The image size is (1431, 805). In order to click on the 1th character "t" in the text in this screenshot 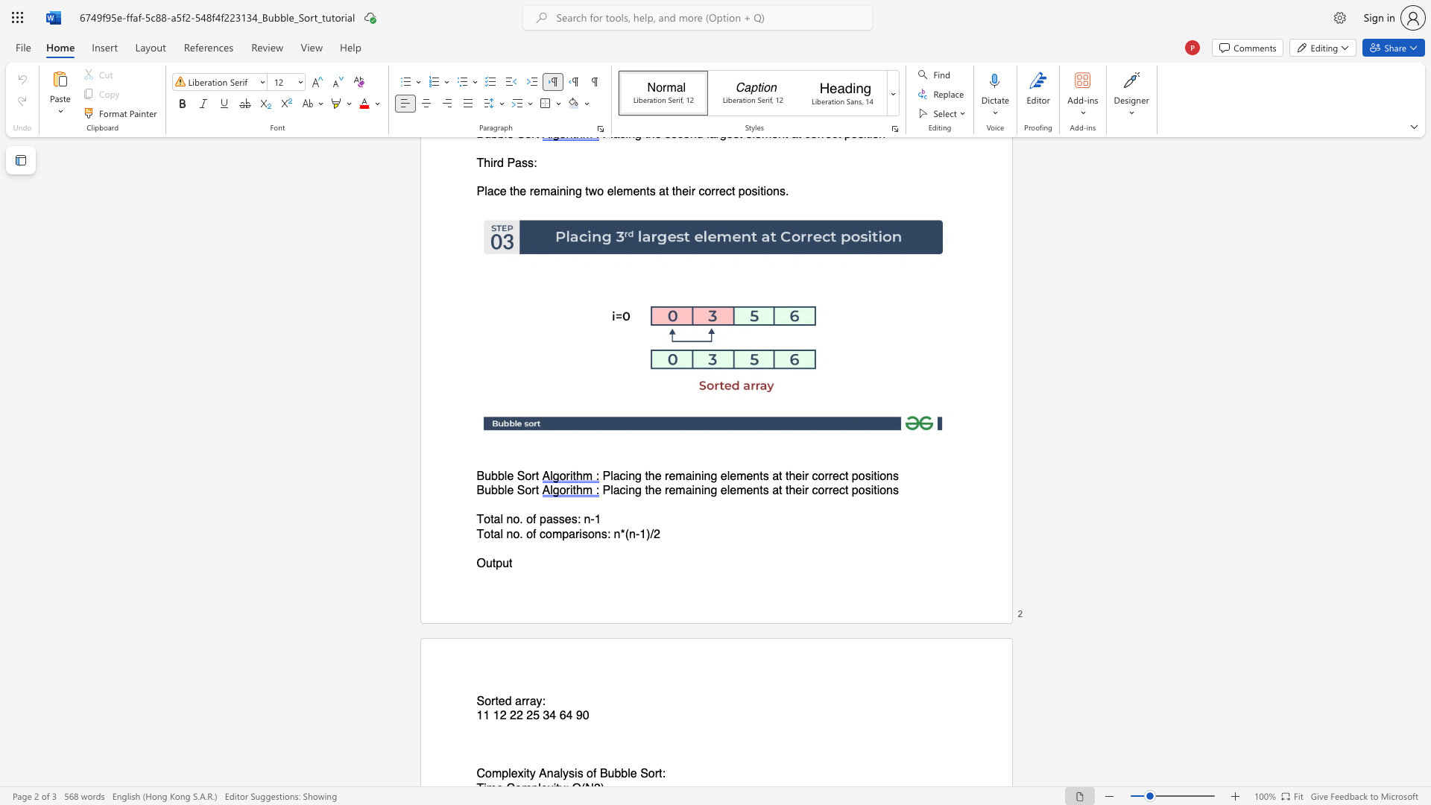, I will do `click(537, 476)`.